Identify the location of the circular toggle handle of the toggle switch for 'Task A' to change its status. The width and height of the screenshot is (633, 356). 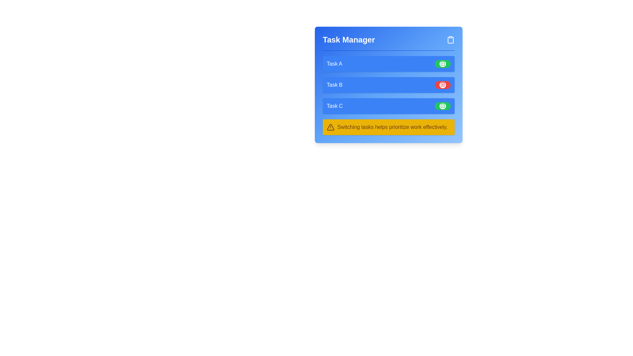
(443, 64).